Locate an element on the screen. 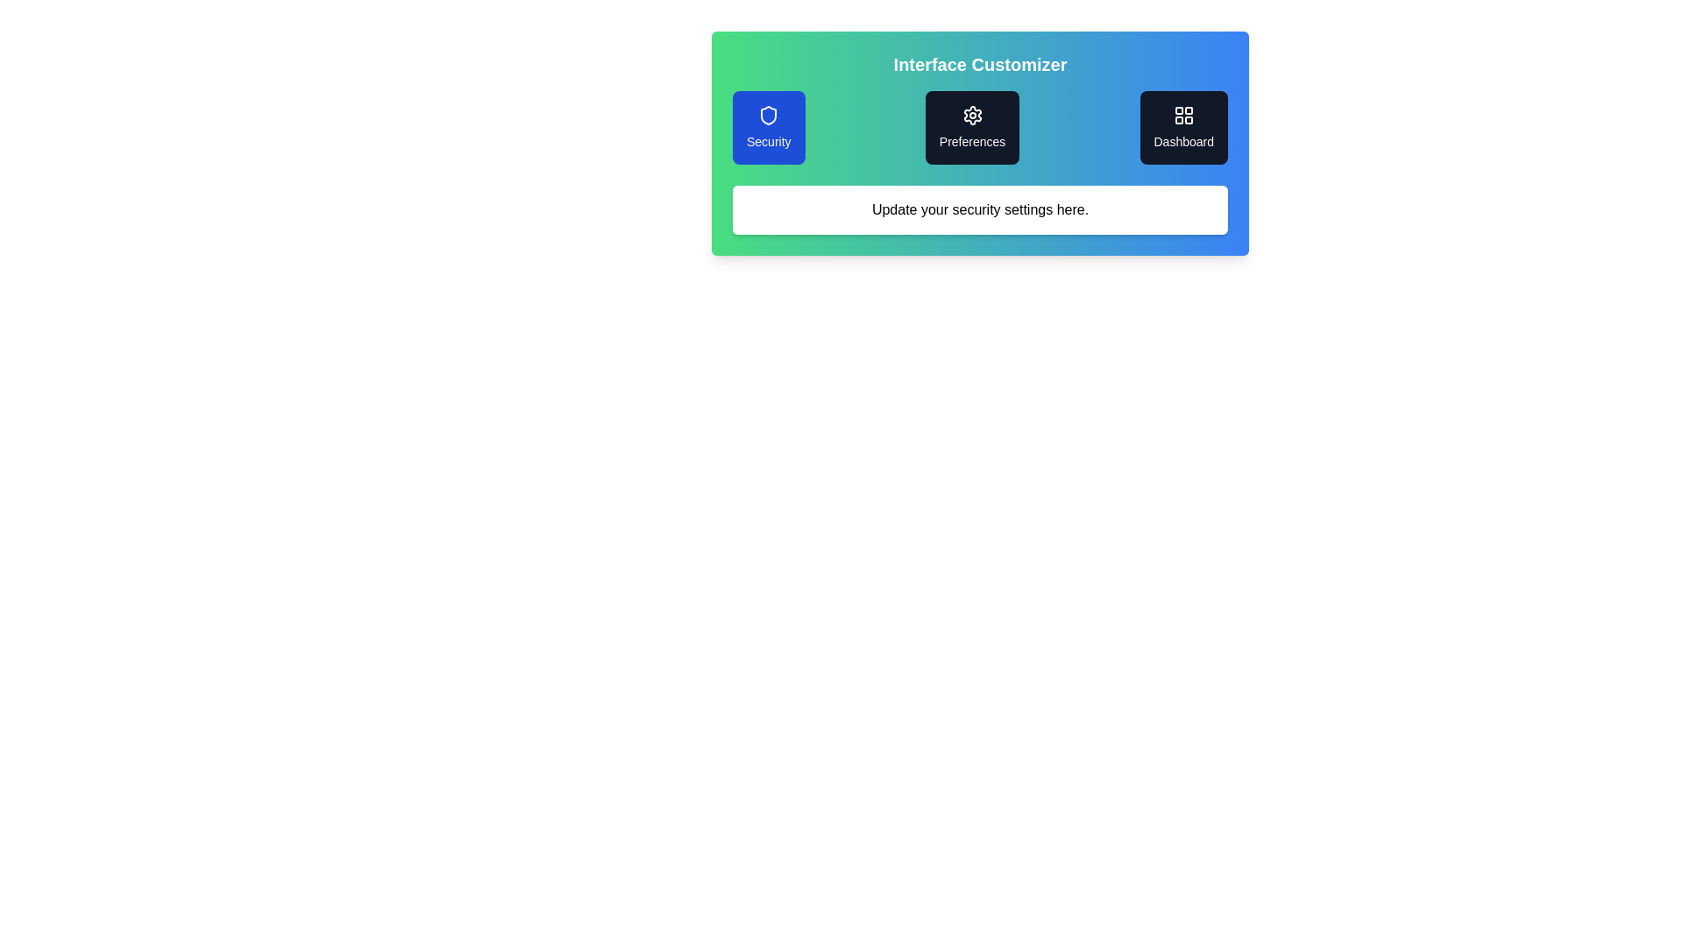 The height and width of the screenshot is (946, 1683). 'Preferences' icon located centrally in the interface, positioned between the 'Security' tile and the 'Dashboard' tile, to see details is located at coordinates (971, 115).